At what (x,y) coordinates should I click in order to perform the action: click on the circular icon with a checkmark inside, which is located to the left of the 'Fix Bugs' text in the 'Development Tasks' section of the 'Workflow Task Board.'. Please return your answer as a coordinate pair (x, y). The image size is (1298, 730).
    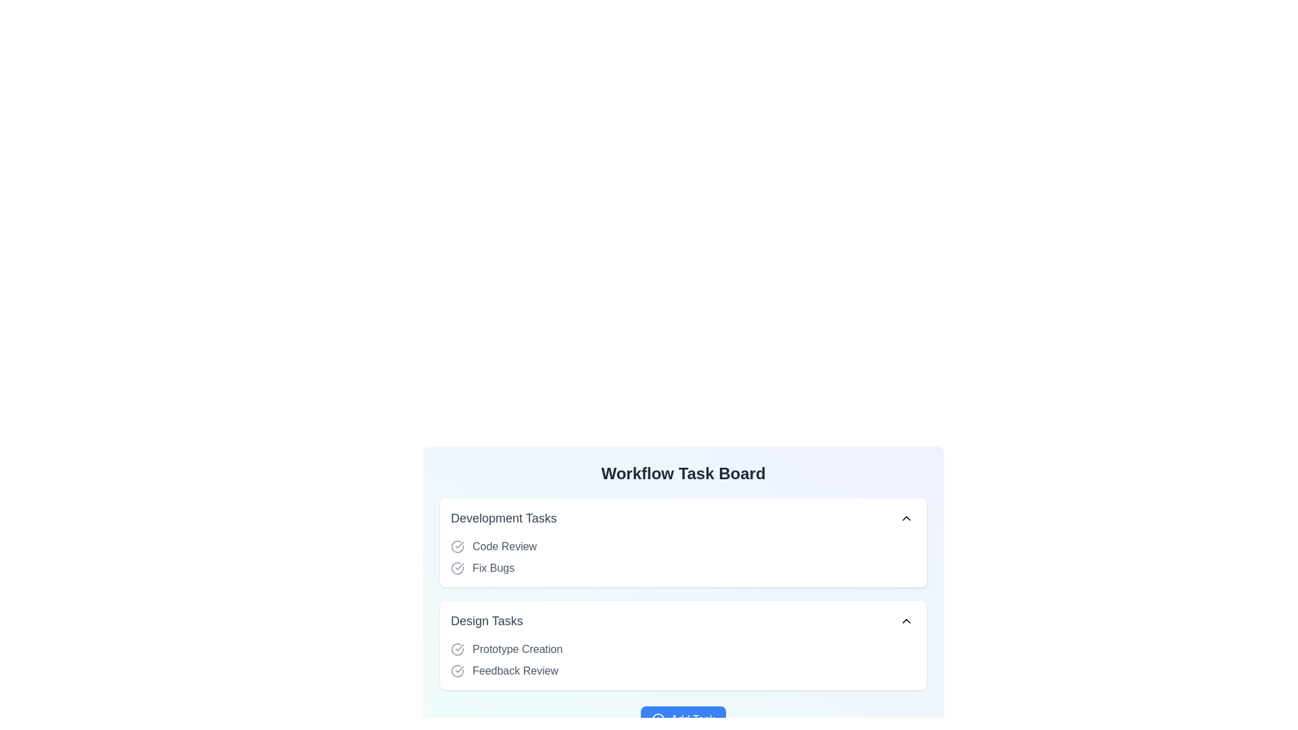
    Looking at the image, I should click on (457, 568).